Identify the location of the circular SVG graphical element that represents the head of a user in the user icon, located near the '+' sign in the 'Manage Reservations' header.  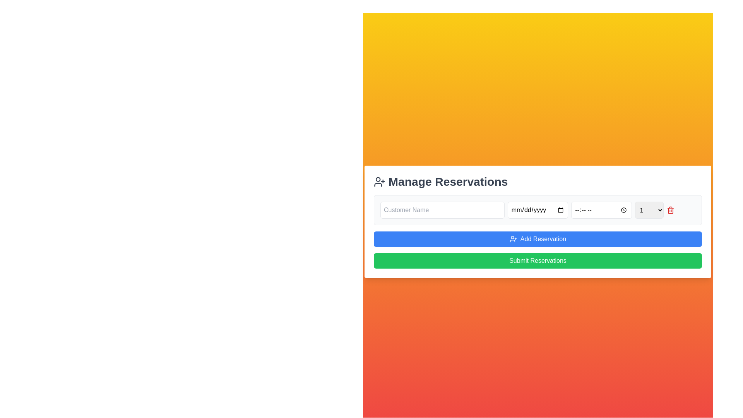
(378, 179).